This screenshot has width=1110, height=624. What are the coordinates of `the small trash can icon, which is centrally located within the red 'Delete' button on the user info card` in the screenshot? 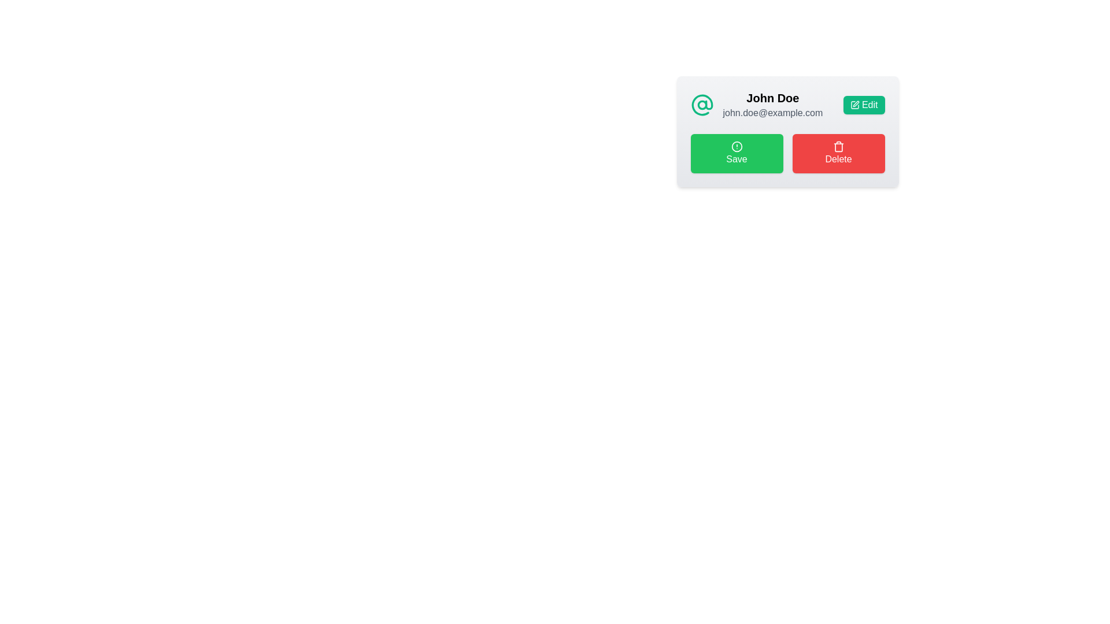 It's located at (838, 146).